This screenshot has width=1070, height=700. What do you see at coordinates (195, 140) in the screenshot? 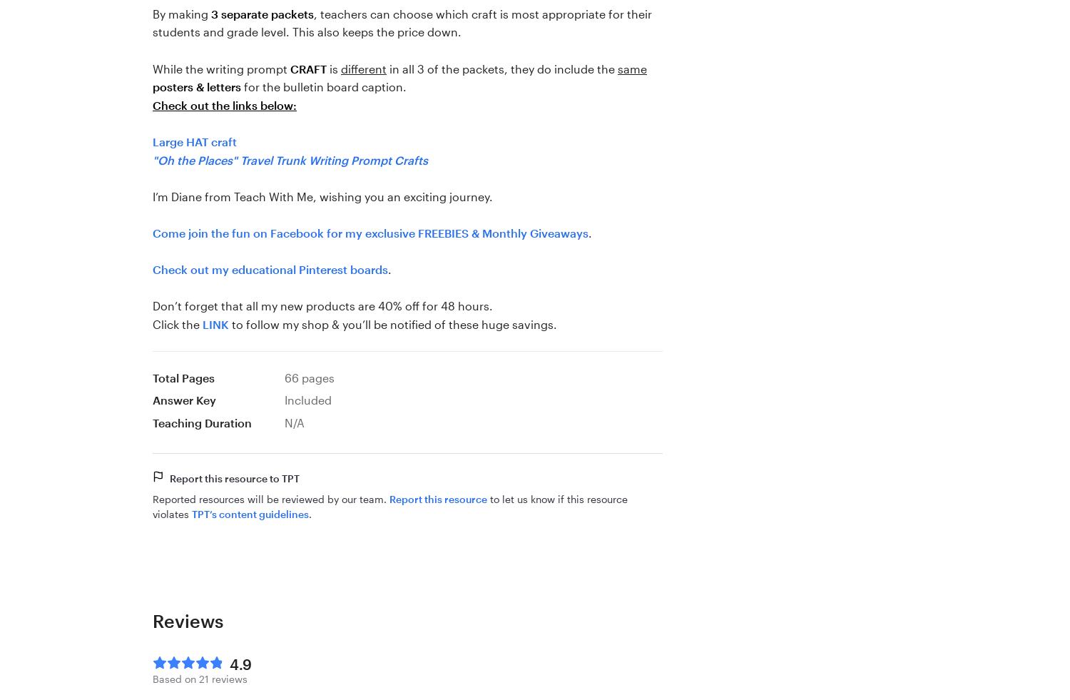
I see `'Large HAT craft'` at bounding box center [195, 140].